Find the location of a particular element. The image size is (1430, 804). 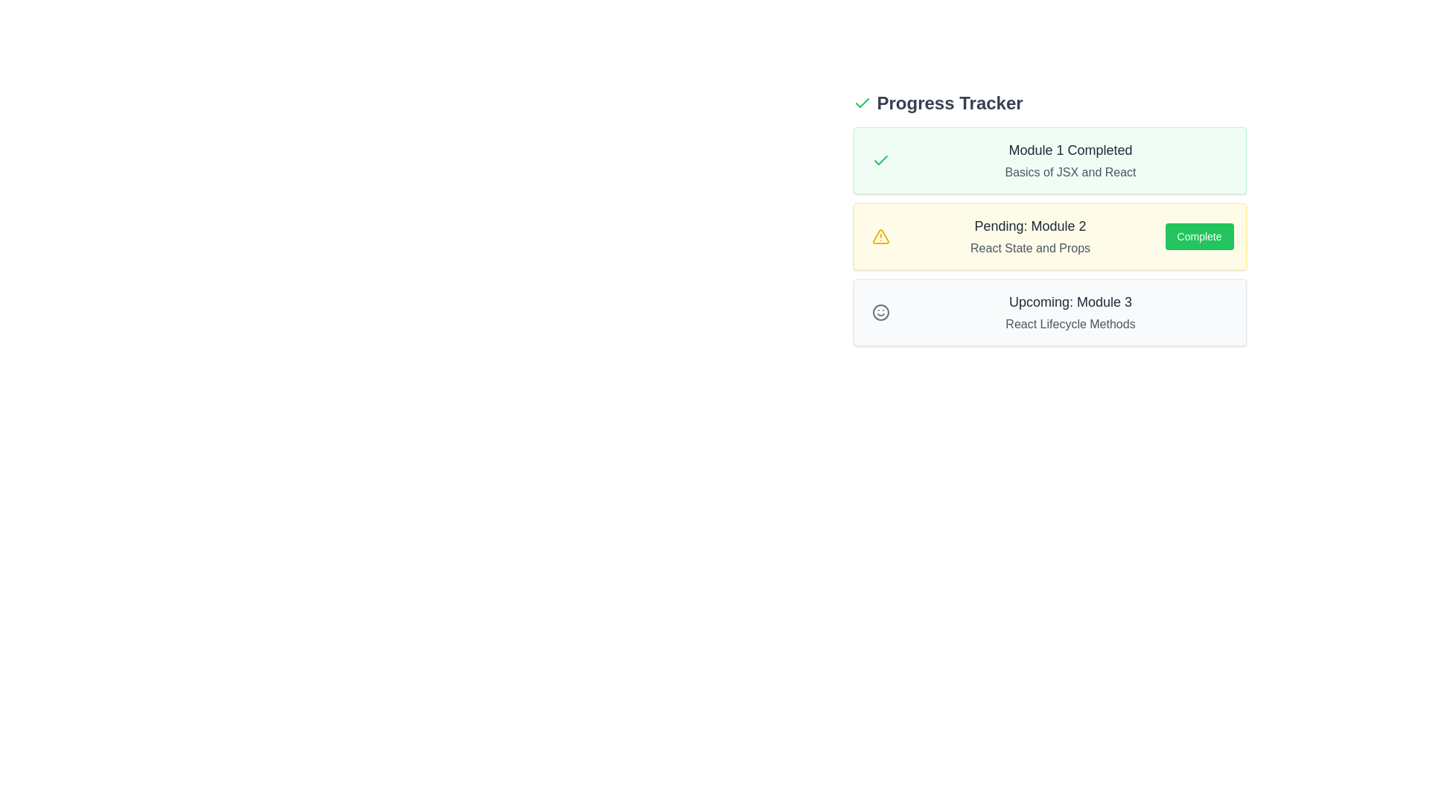

the green checkmark icon located in the top-left segment of the 'Module 1 Completed' progress card in the progress tracker is located at coordinates (880, 161).